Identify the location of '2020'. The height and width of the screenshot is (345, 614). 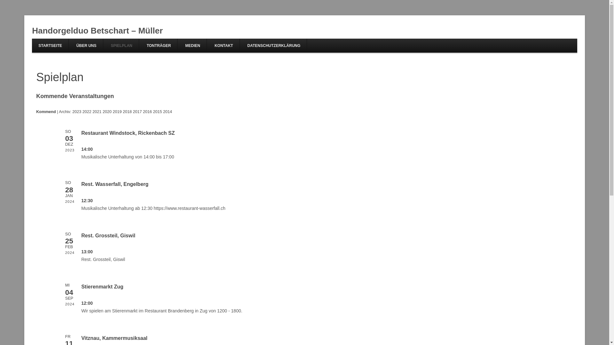
(107, 111).